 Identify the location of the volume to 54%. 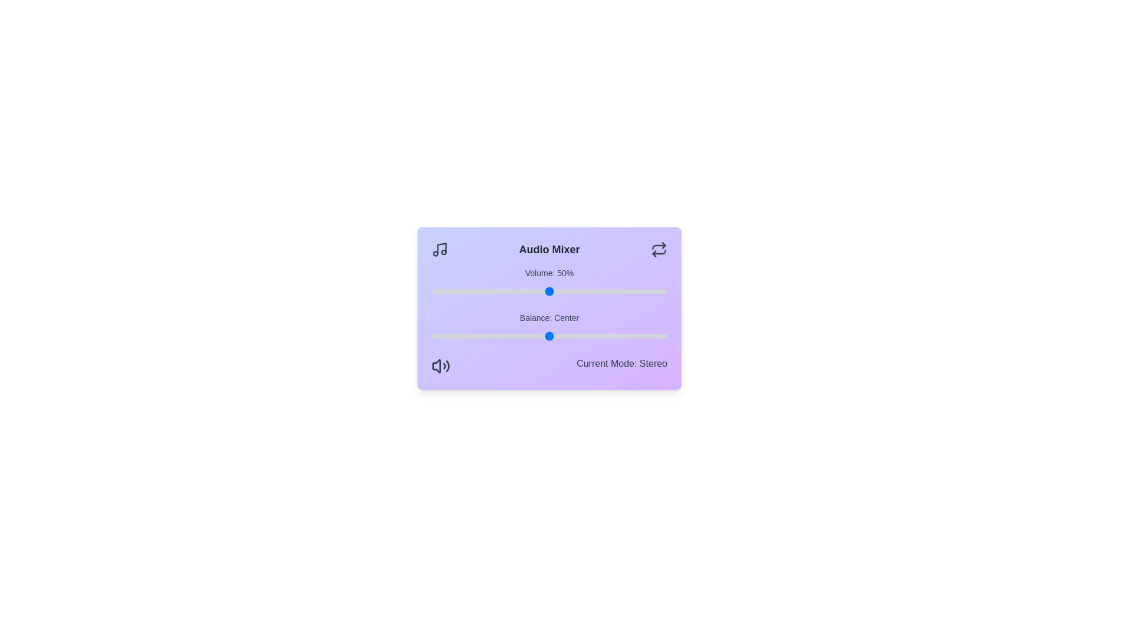
(558, 291).